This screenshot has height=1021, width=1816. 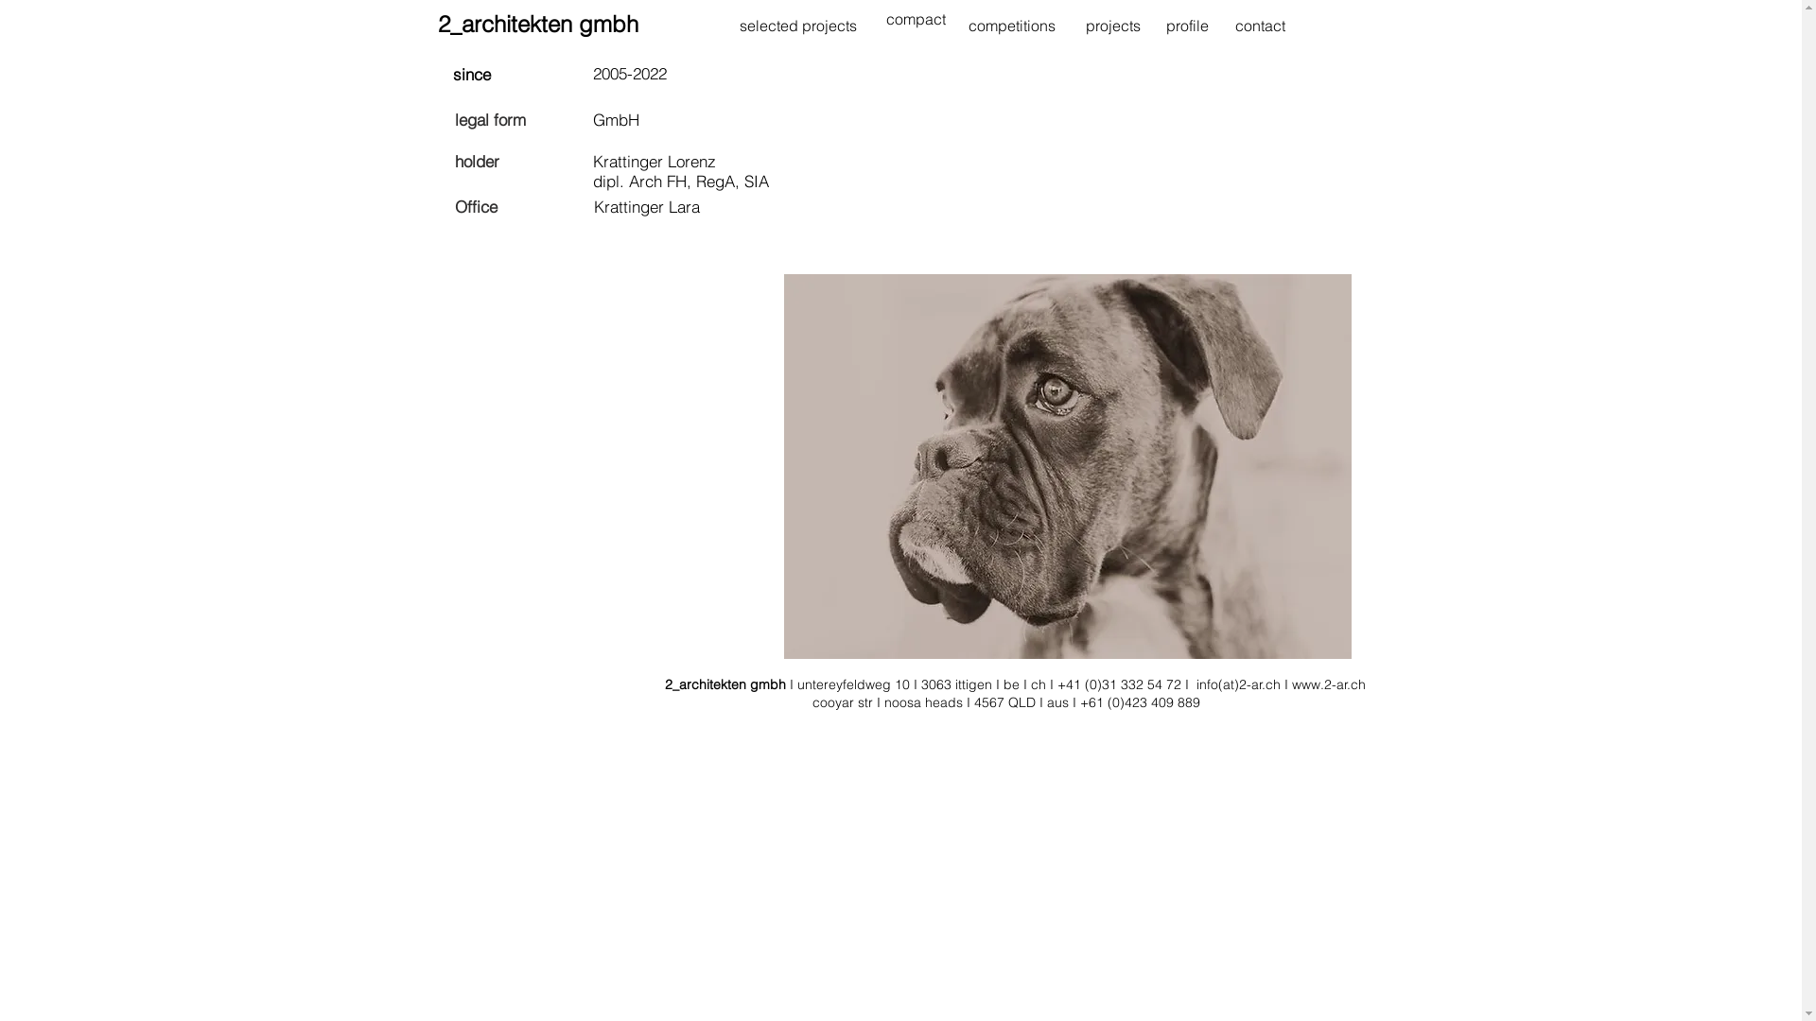 What do you see at coordinates (1011, 26) in the screenshot?
I see `'competitions'` at bounding box center [1011, 26].